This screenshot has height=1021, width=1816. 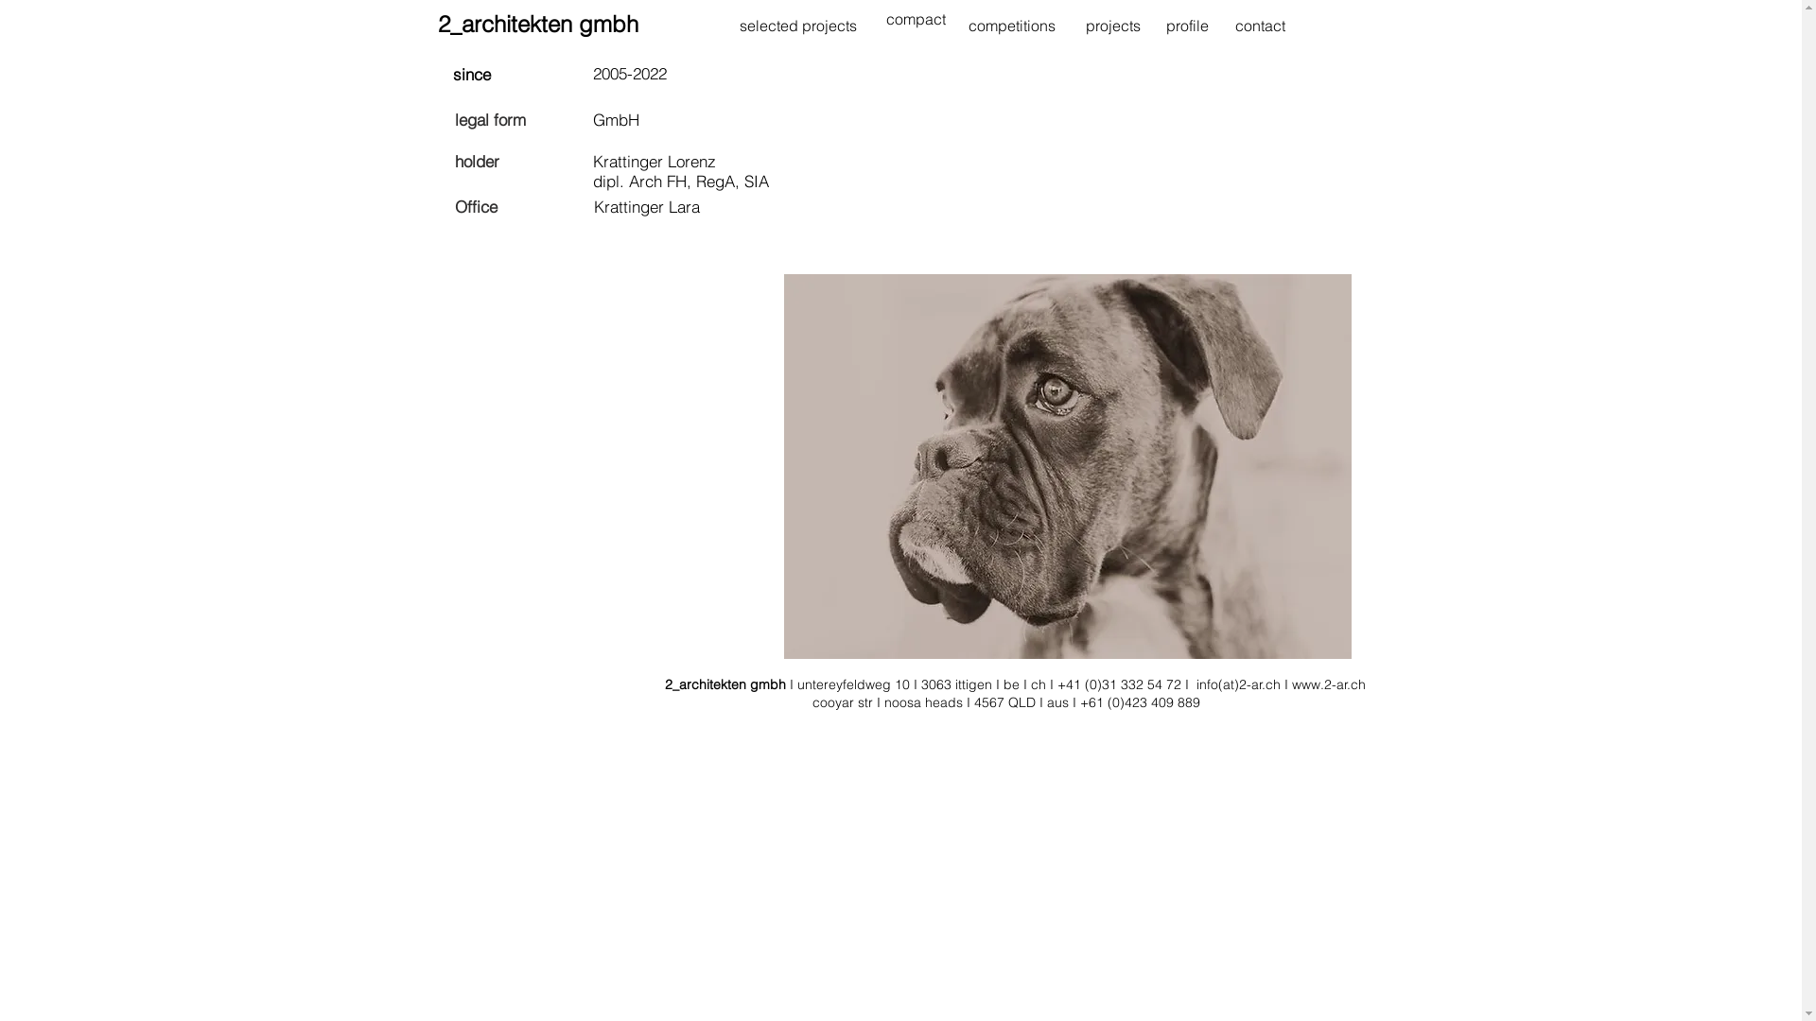 What do you see at coordinates (1011, 26) in the screenshot?
I see `'competitions'` at bounding box center [1011, 26].